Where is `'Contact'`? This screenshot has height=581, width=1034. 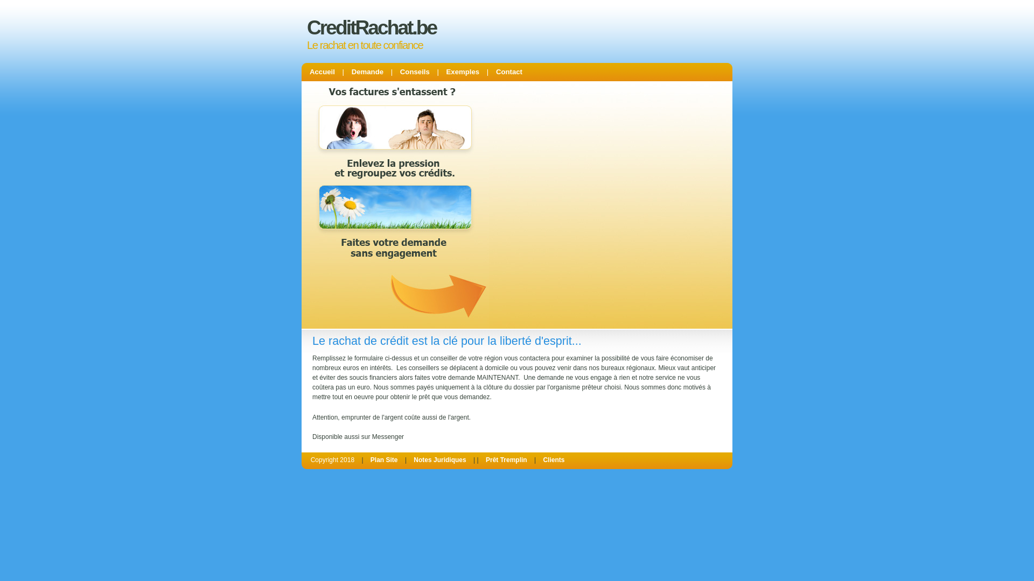
'Contact' is located at coordinates (490, 72).